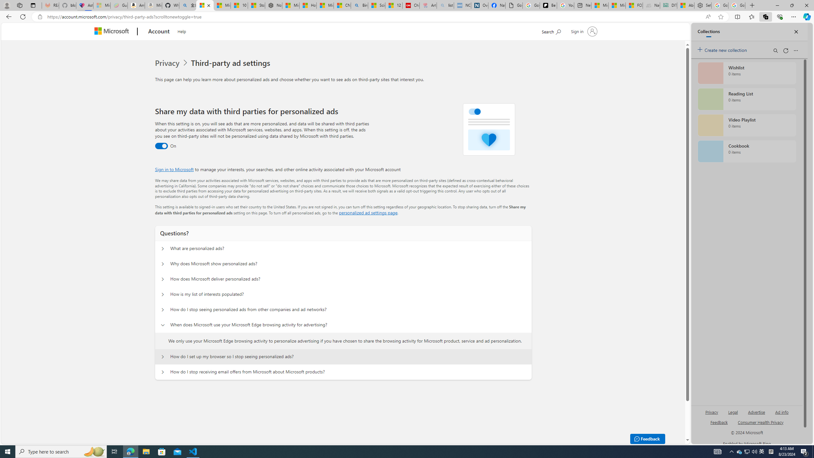  What do you see at coordinates (719, 421) in the screenshot?
I see `'AutomationID: sb_feedback'` at bounding box center [719, 421].